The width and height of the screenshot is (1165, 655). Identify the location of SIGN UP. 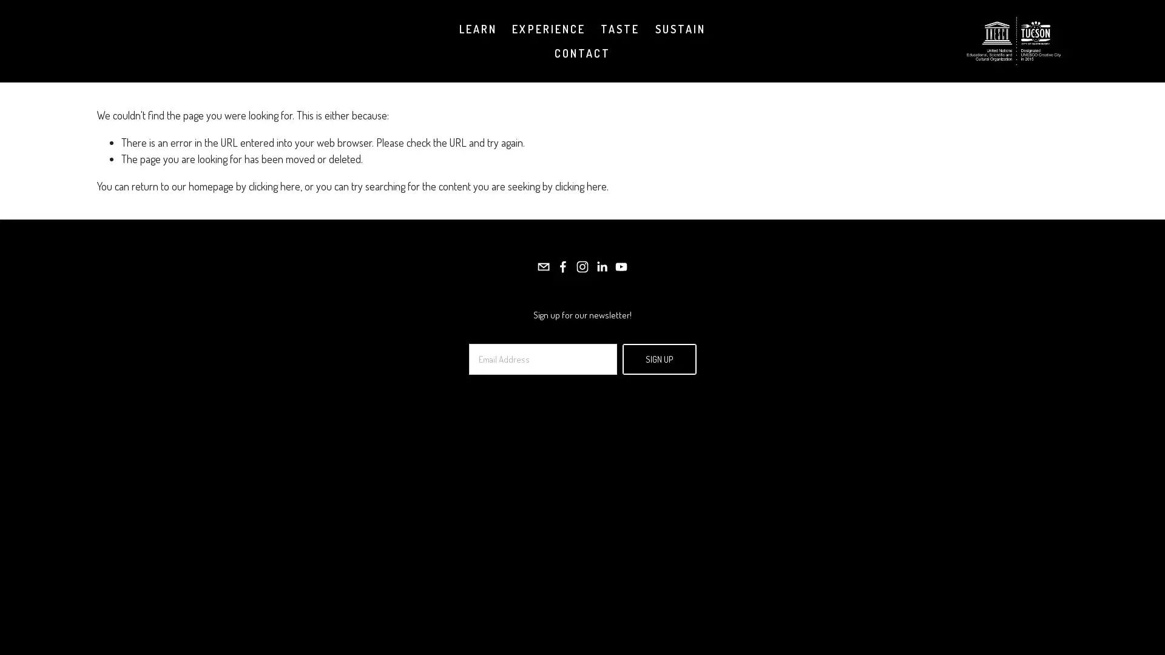
(658, 358).